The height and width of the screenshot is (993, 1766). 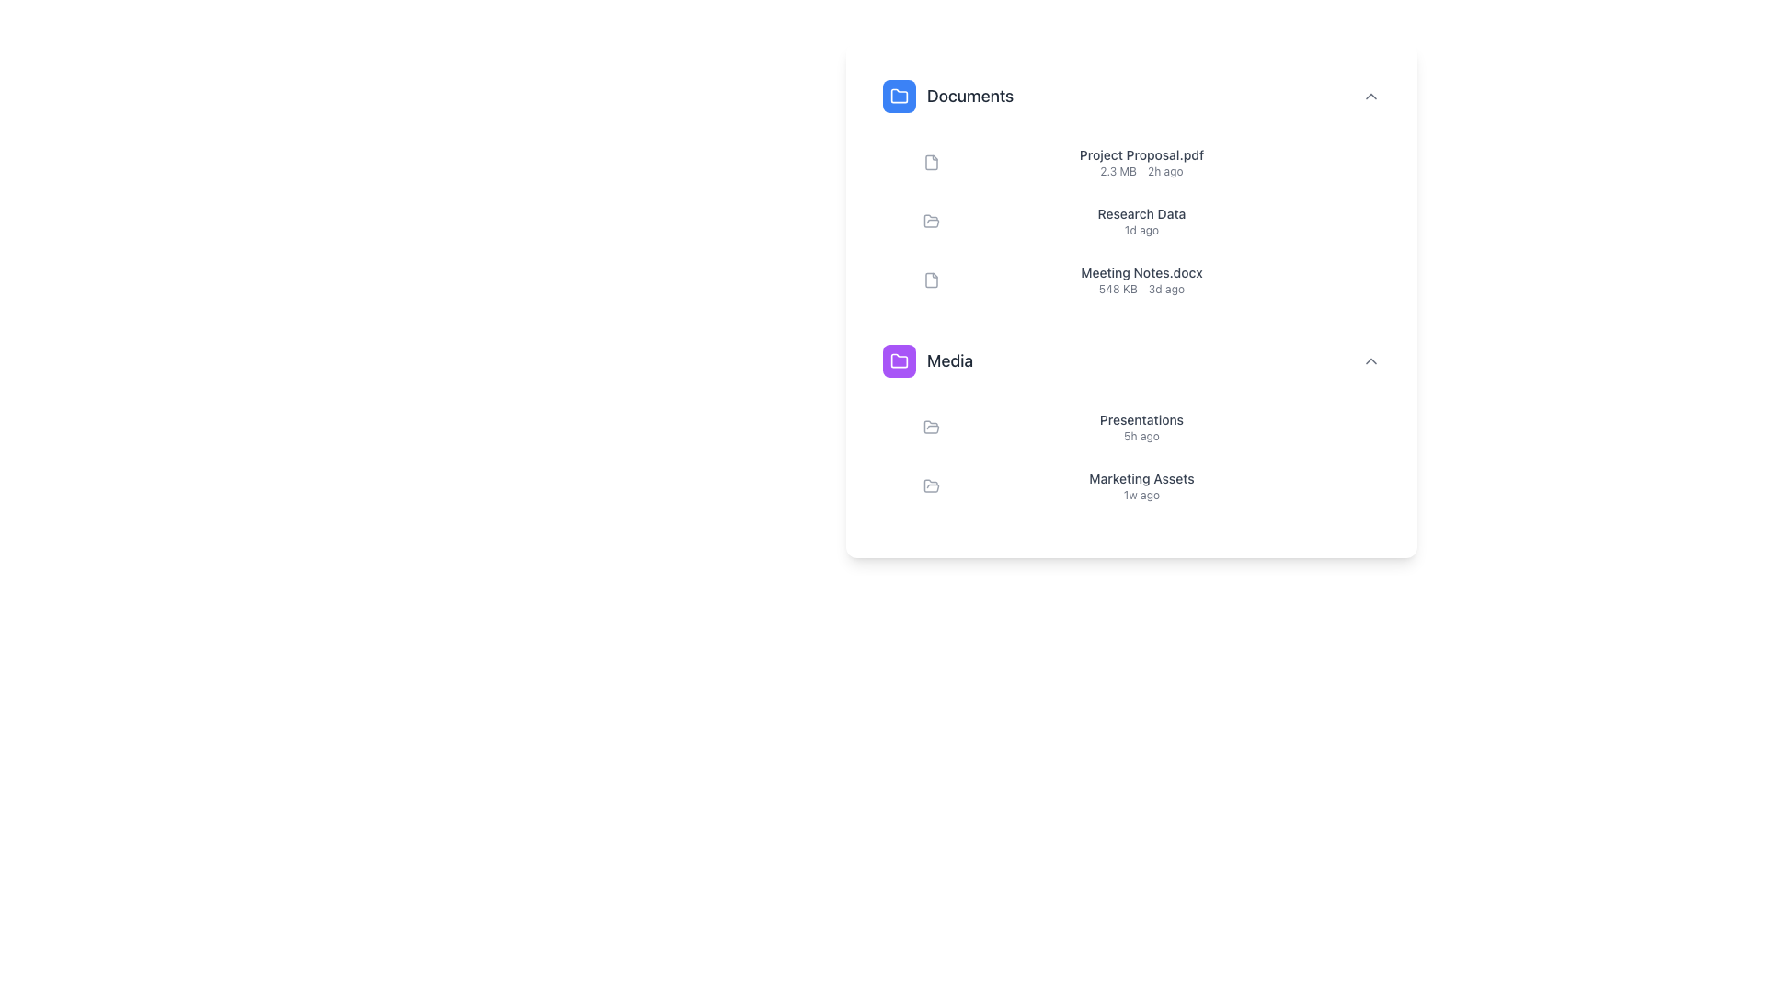 I want to click on the Icon button that serves as a visual identifier for the 'Media' section, located on the left side of the row titled 'Media', so click(x=900, y=361).